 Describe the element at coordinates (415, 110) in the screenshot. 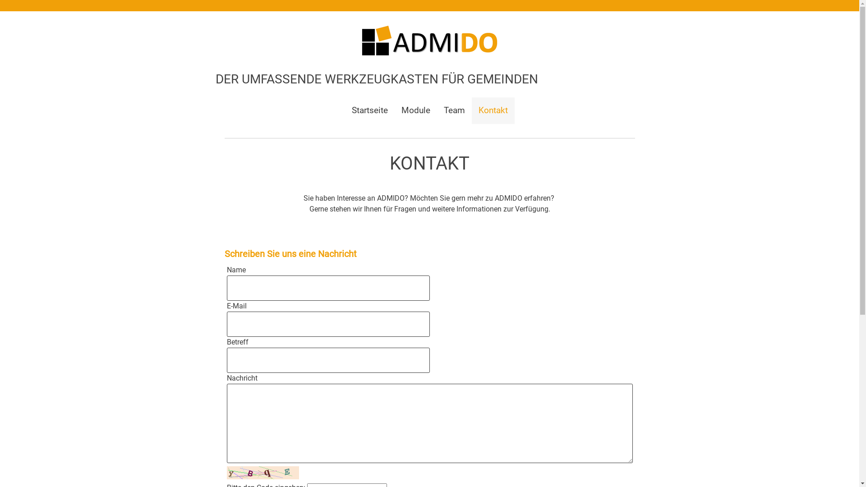

I see `'Module'` at that location.